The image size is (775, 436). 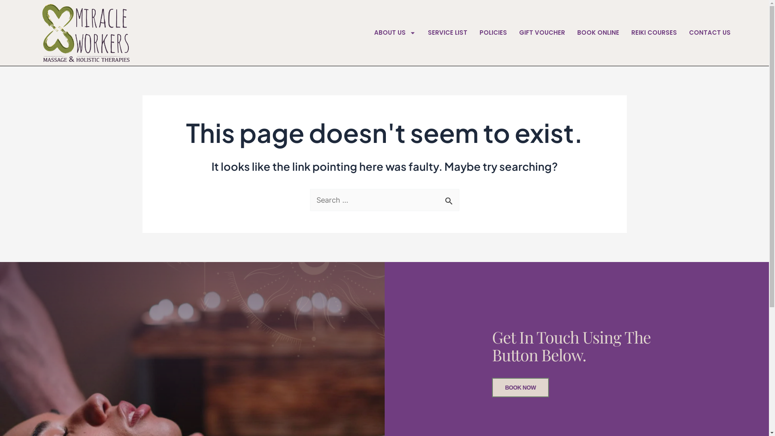 What do you see at coordinates (709, 32) in the screenshot?
I see `'CONTACT US'` at bounding box center [709, 32].